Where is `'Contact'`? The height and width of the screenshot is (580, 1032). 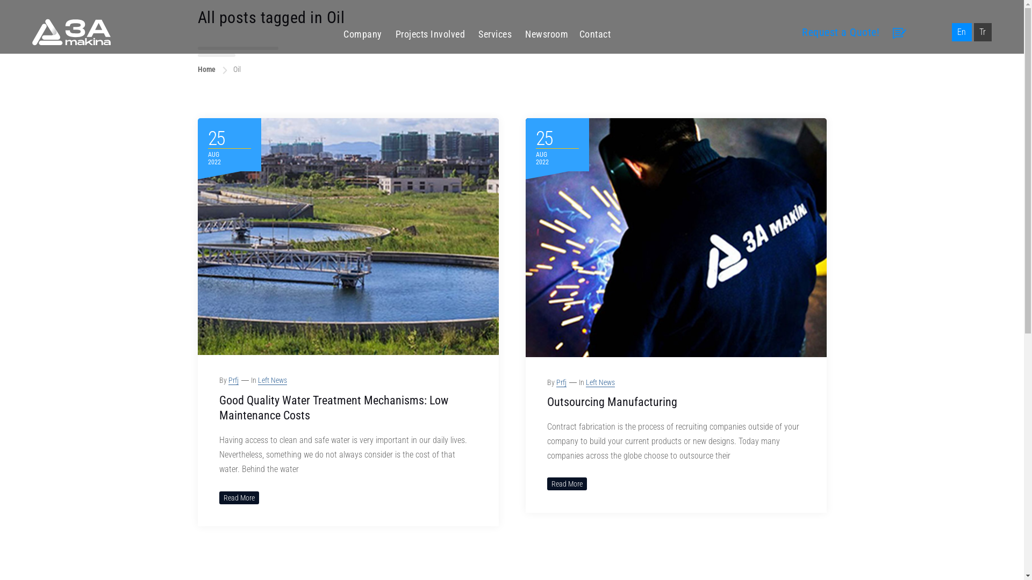
'Contact' is located at coordinates (592, 32).